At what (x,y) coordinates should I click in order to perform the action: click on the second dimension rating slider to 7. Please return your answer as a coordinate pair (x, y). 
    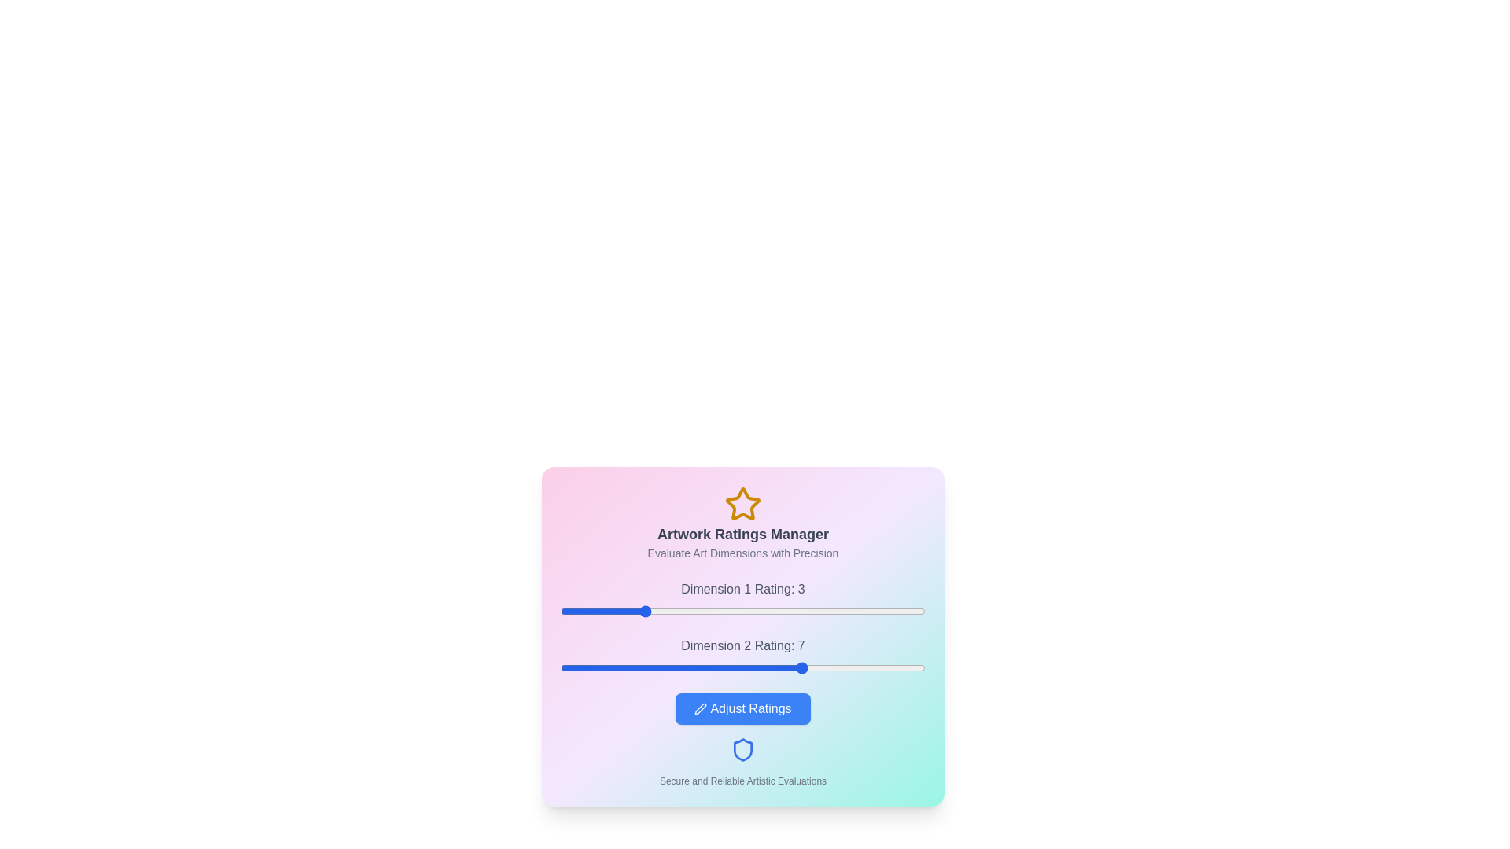
    Looking at the image, I should click on (804, 667).